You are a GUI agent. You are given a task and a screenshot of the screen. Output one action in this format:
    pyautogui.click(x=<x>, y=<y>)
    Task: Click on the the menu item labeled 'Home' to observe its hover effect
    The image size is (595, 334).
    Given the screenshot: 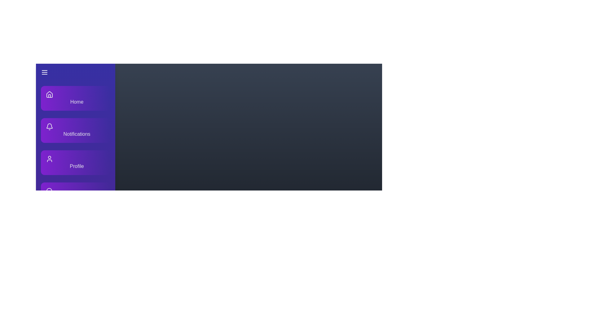 What is the action you would take?
    pyautogui.click(x=75, y=98)
    